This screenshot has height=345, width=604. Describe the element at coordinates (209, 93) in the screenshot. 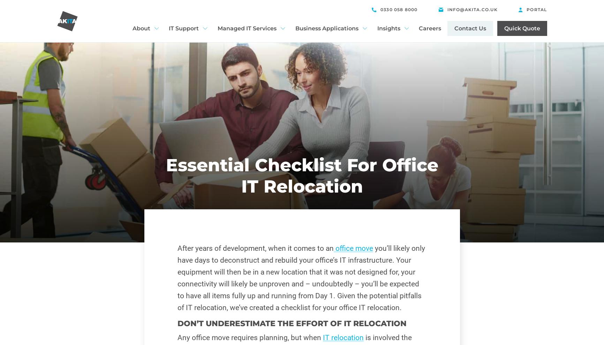

I see `'Cloud & Hosted Services'` at that location.